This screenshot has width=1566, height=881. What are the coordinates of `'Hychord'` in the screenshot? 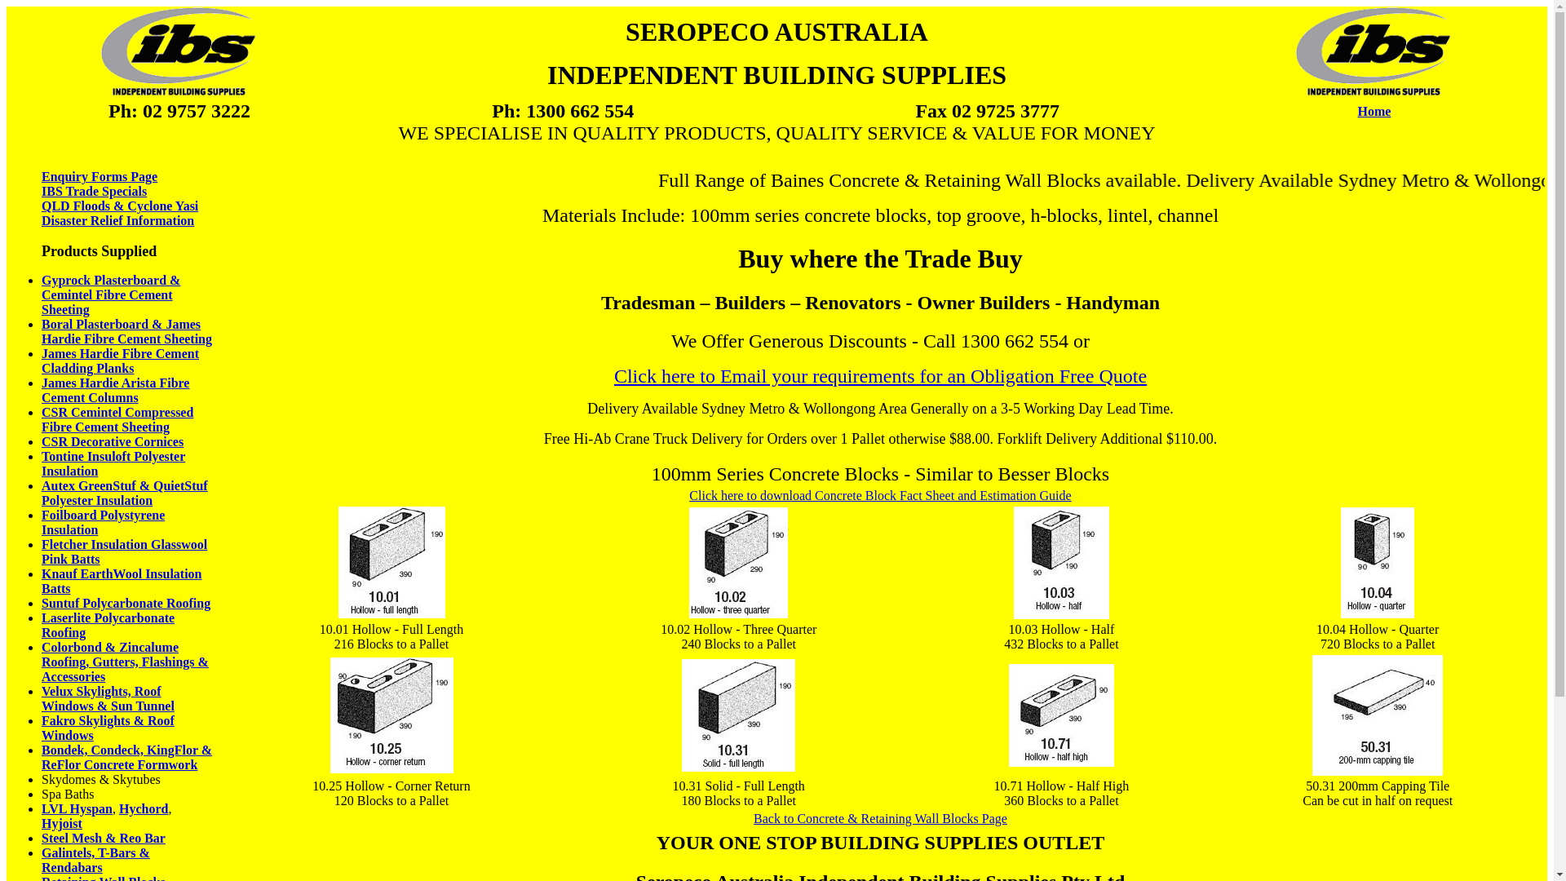 It's located at (144, 808).